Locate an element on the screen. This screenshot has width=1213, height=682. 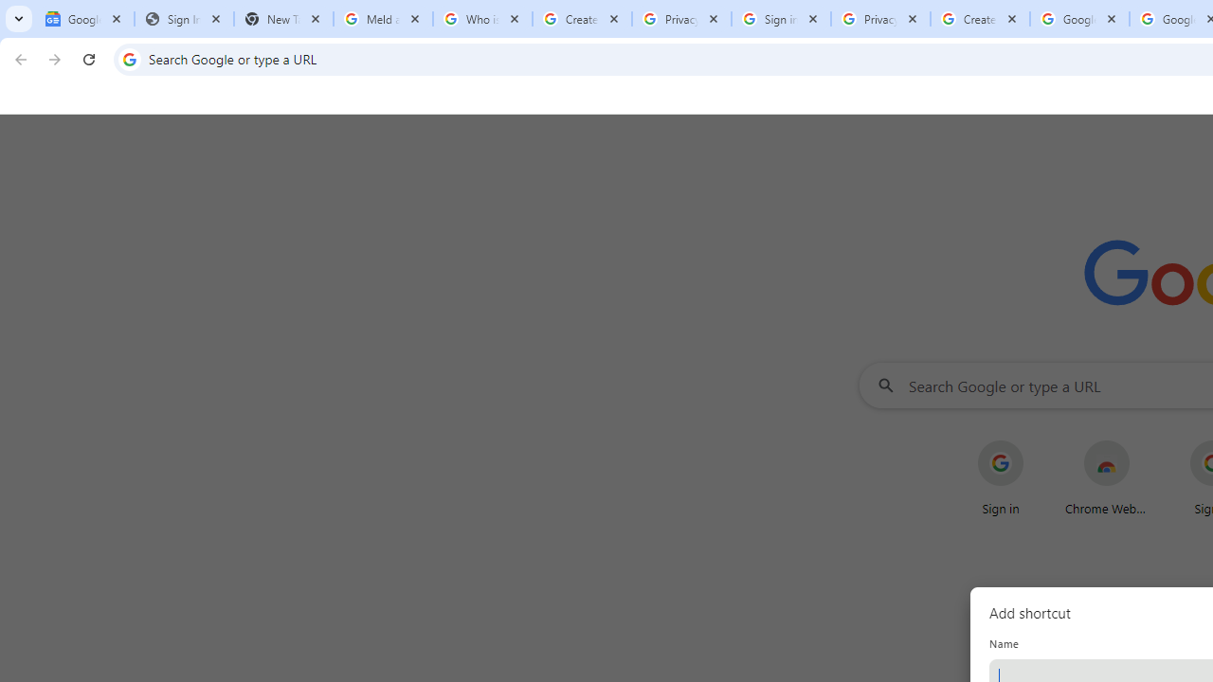
'Who is my administrator? - Google Account Help' is located at coordinates (482, 19).